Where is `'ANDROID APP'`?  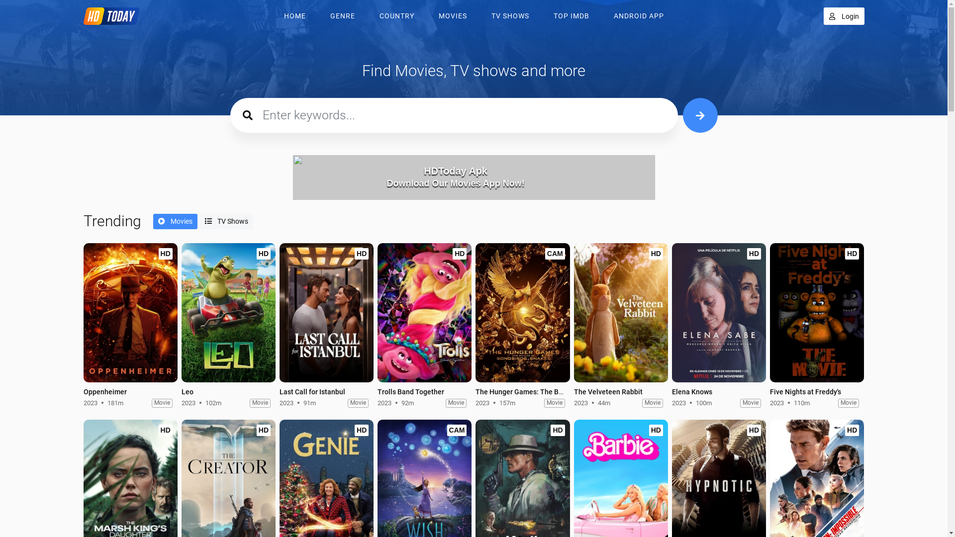
'ANDROID APP' is located at coordinates (603, 16).